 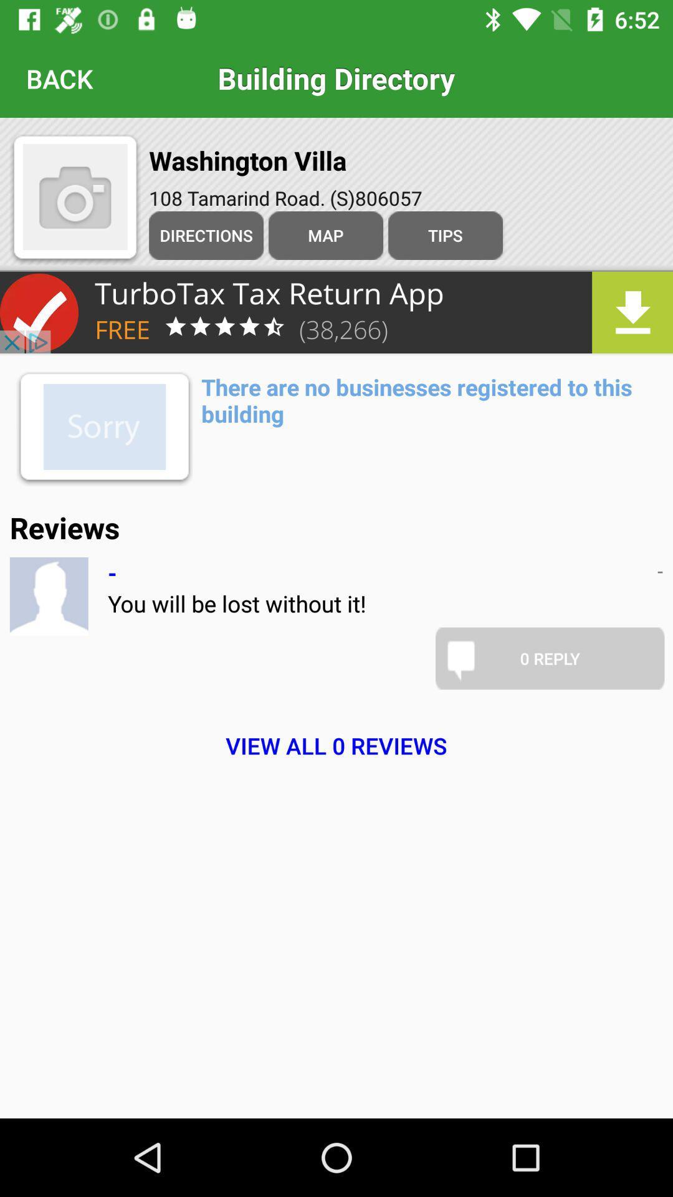 I want to click on the photo icon, so click(x=75, y=199).